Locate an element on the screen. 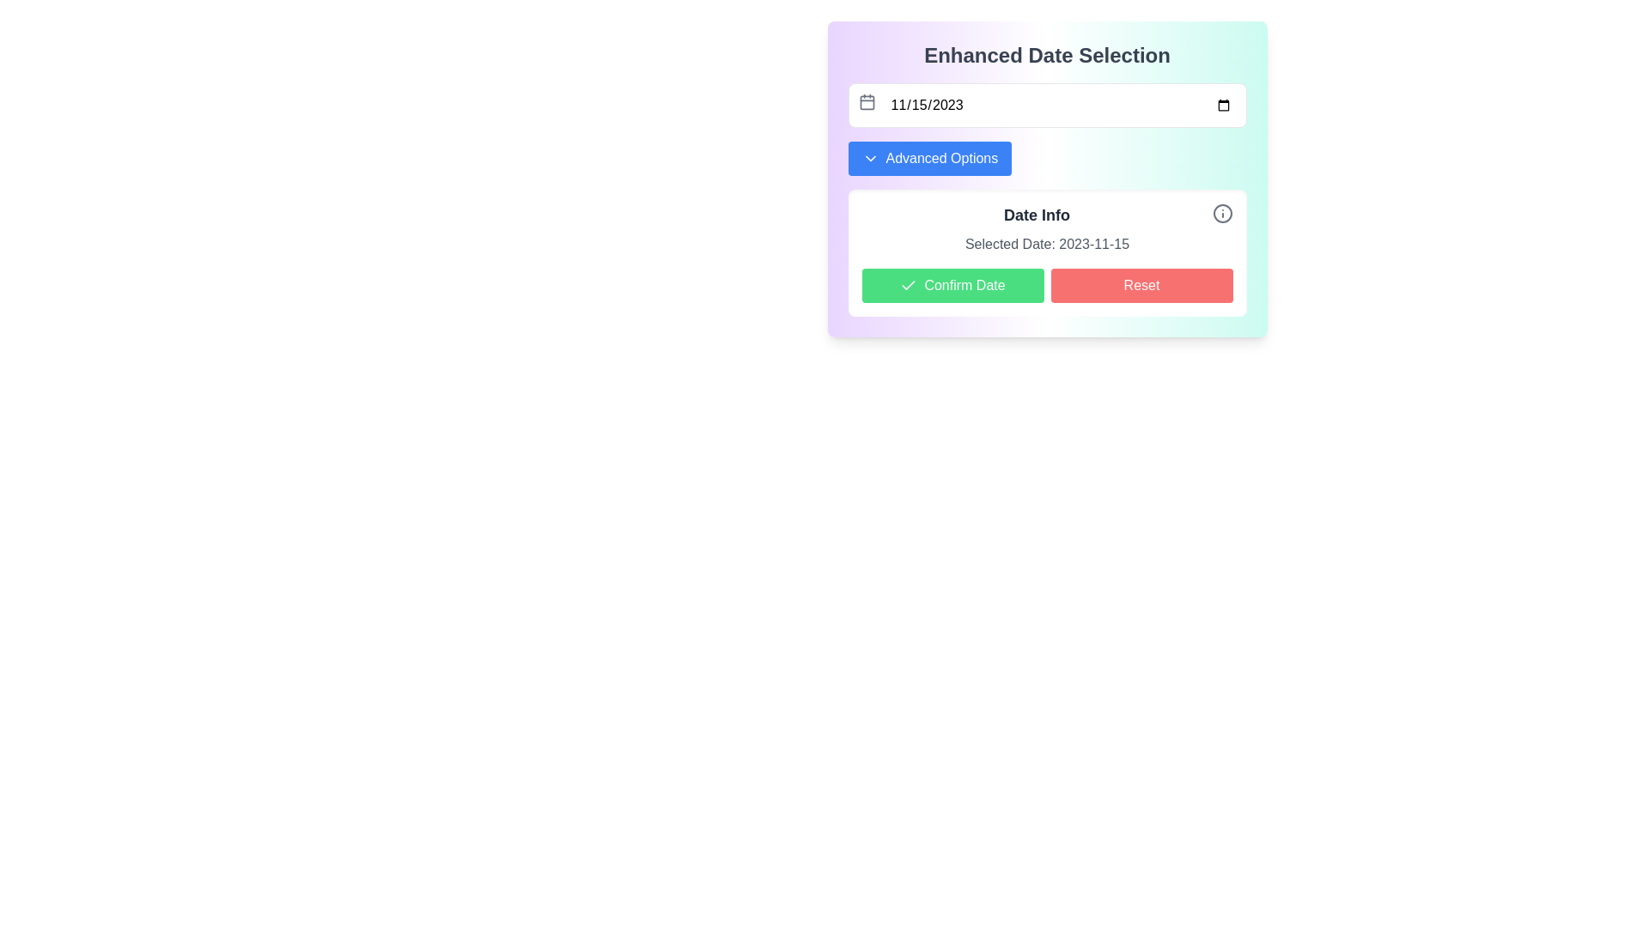 This screenshot has height=927, width=1649. the reset or clear date selection button located is located at coordinates (1141, 284).